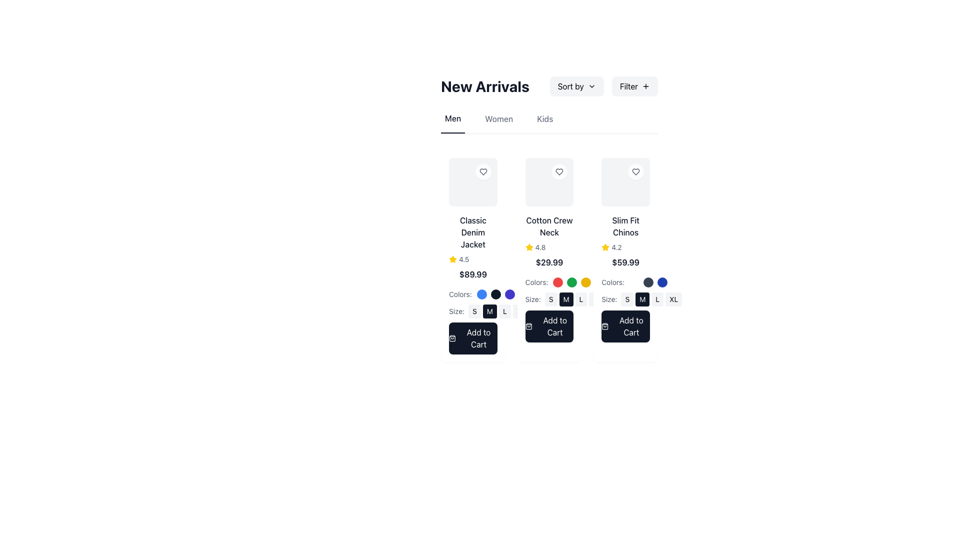 The height and width of the screenshot is (540, 960). I want to click on the color indicator circle located under the 'Cotton Crew Neck' product card in the 'New Arrivals' section, so click(572, 282).